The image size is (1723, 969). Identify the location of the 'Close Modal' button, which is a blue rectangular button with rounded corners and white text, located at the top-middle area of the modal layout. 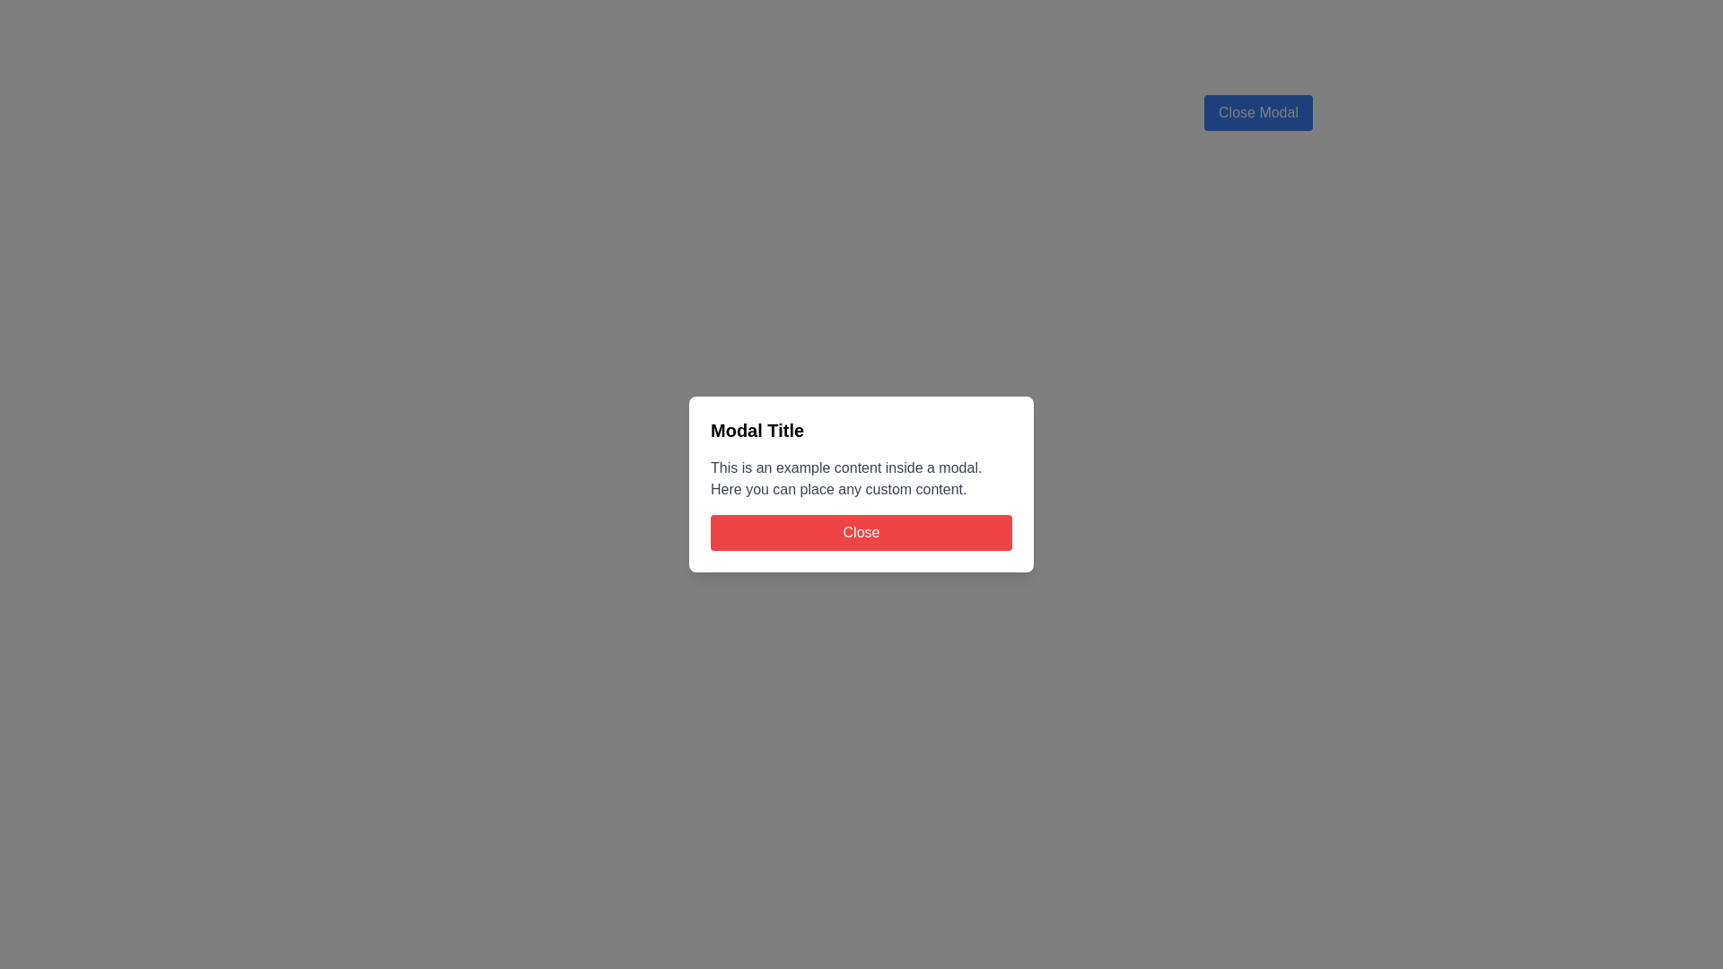
(1257, 113).